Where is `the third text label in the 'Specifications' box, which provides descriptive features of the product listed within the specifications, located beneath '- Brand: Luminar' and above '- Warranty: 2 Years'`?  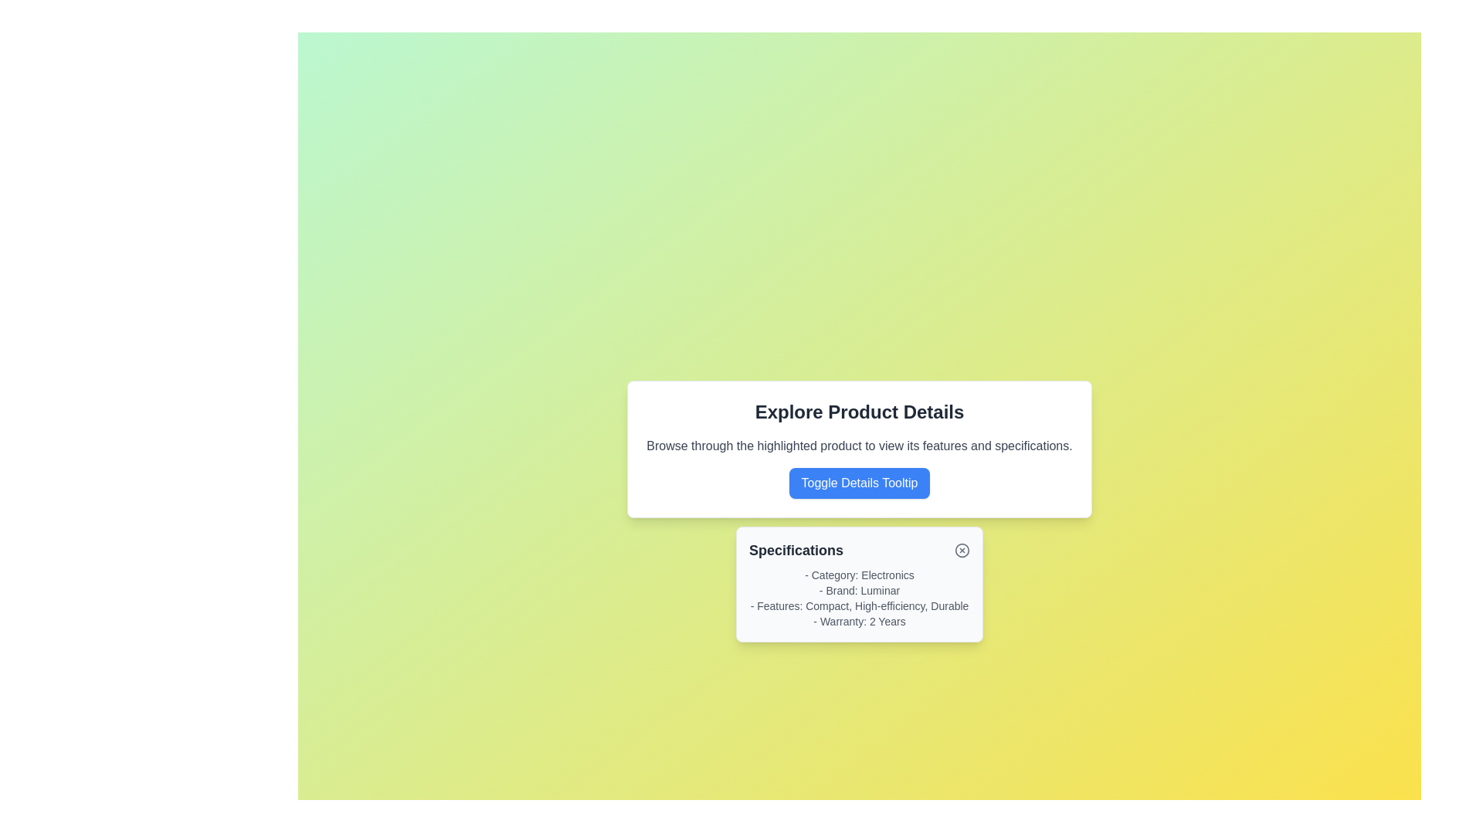
the third text label in the 'Specifications' box, which provides descriptive features of the product listed within the specifications, located beneath '- Brand: Luminar' and above '- Warranty: 2 Years' is located at coordinates (859, 605).